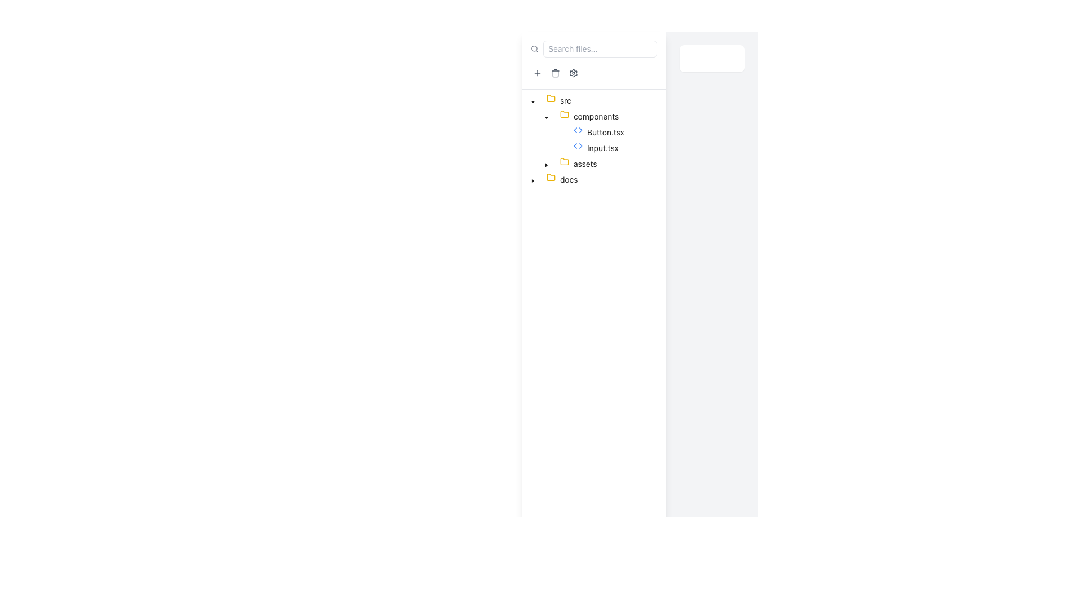 This screenshot has width=1083, height=609. What do you see at coordinates (532, 180) in the screenshot?
I see `the toggle button styled as a caret-down icon located next to the 'docs' folder` at bounding box center [532, 180].